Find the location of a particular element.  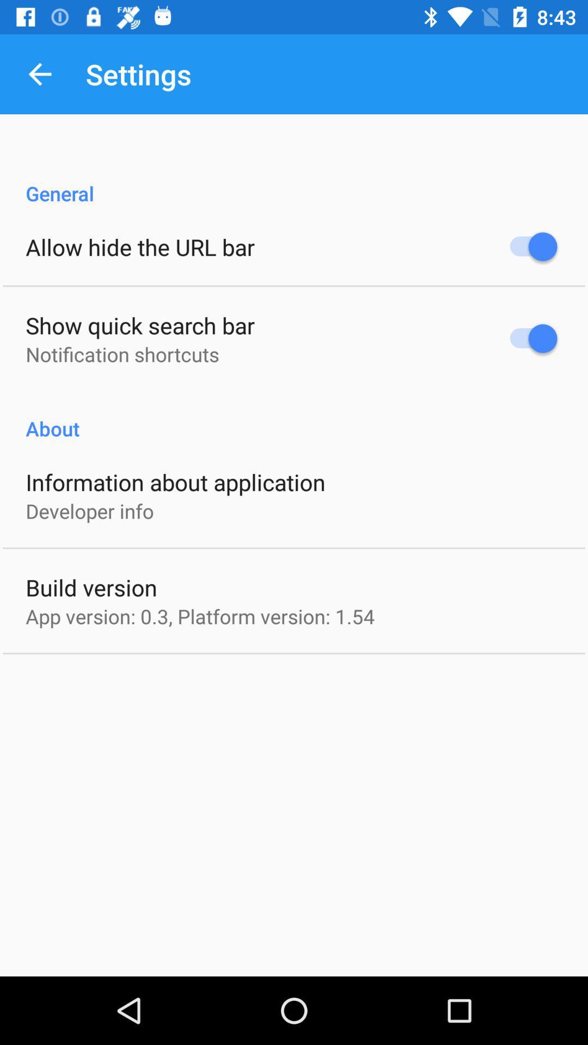

item below build version item is located at coordinates (200, 616).